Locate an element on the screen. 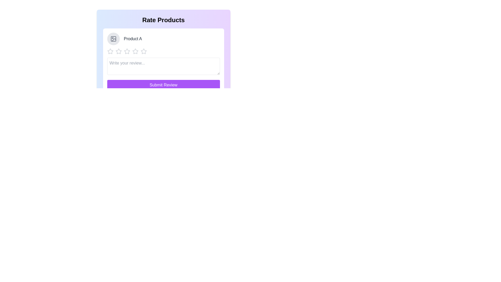  the text area to focus and enable writing a review is located at coordinates (163, 66).